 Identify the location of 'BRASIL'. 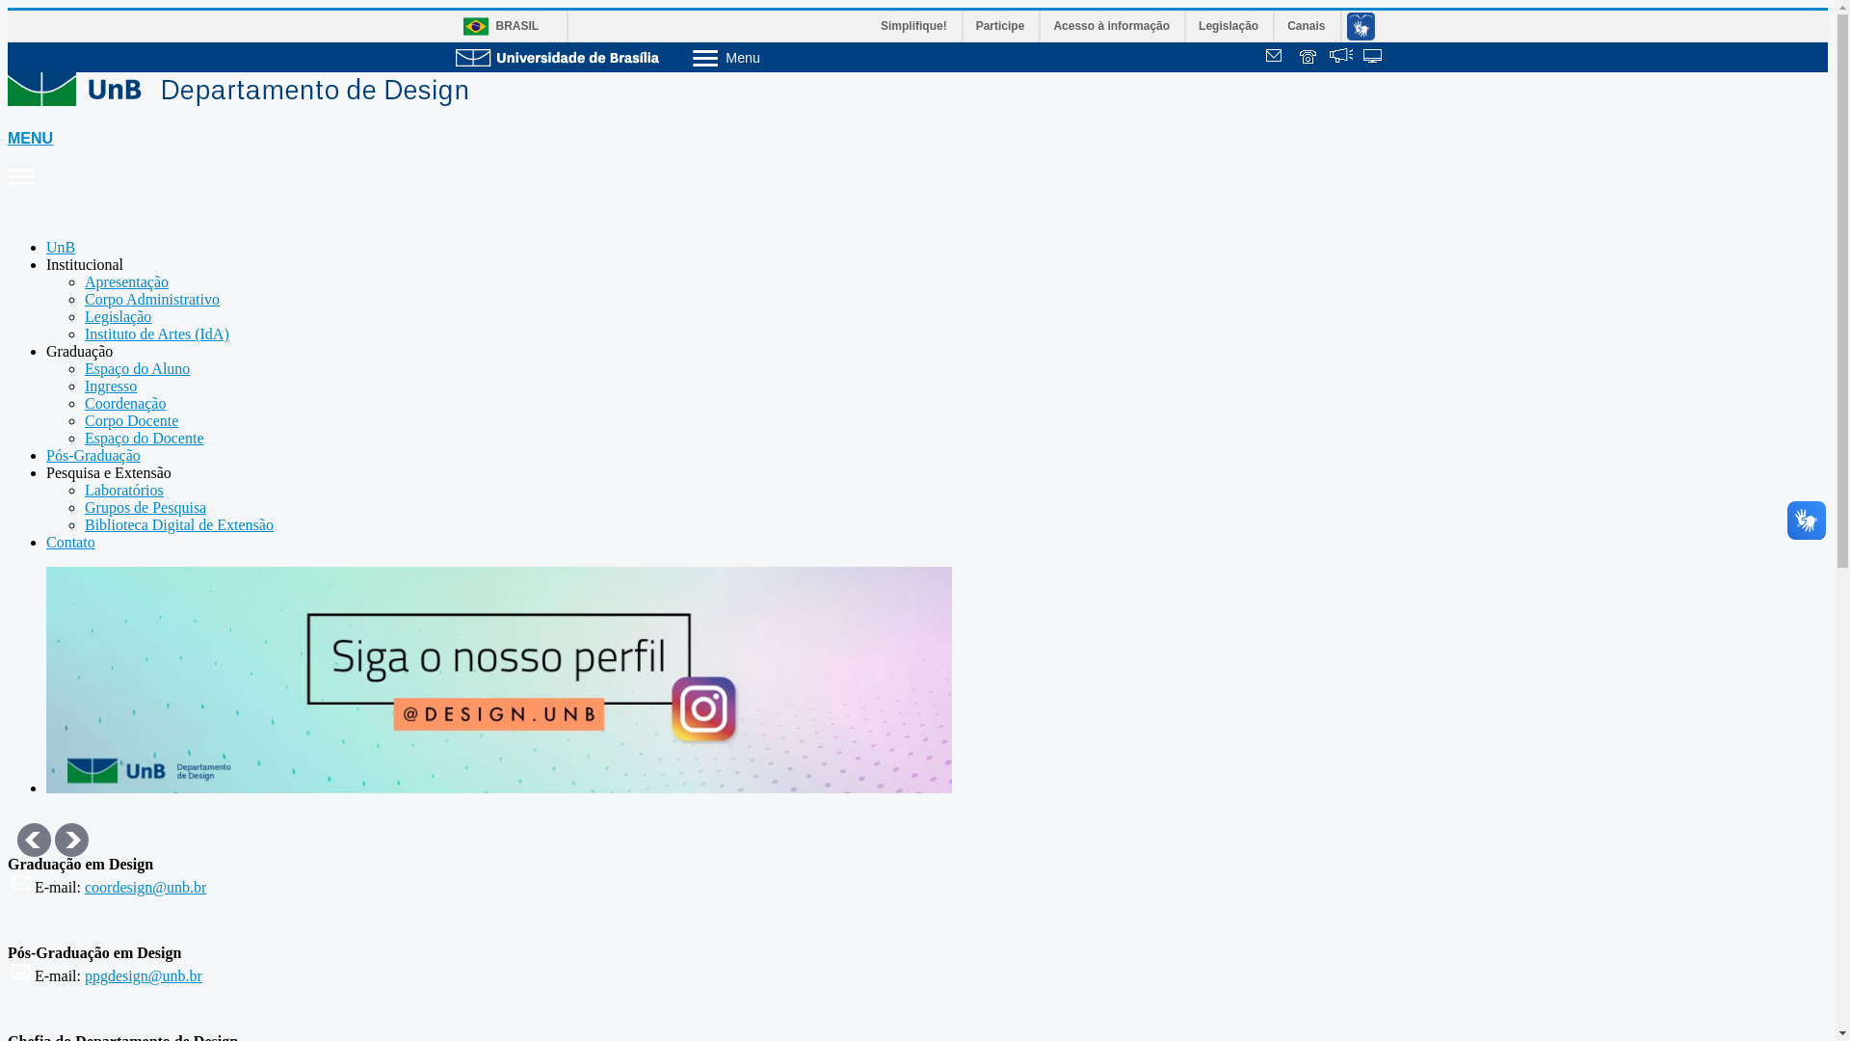
(495, 26).